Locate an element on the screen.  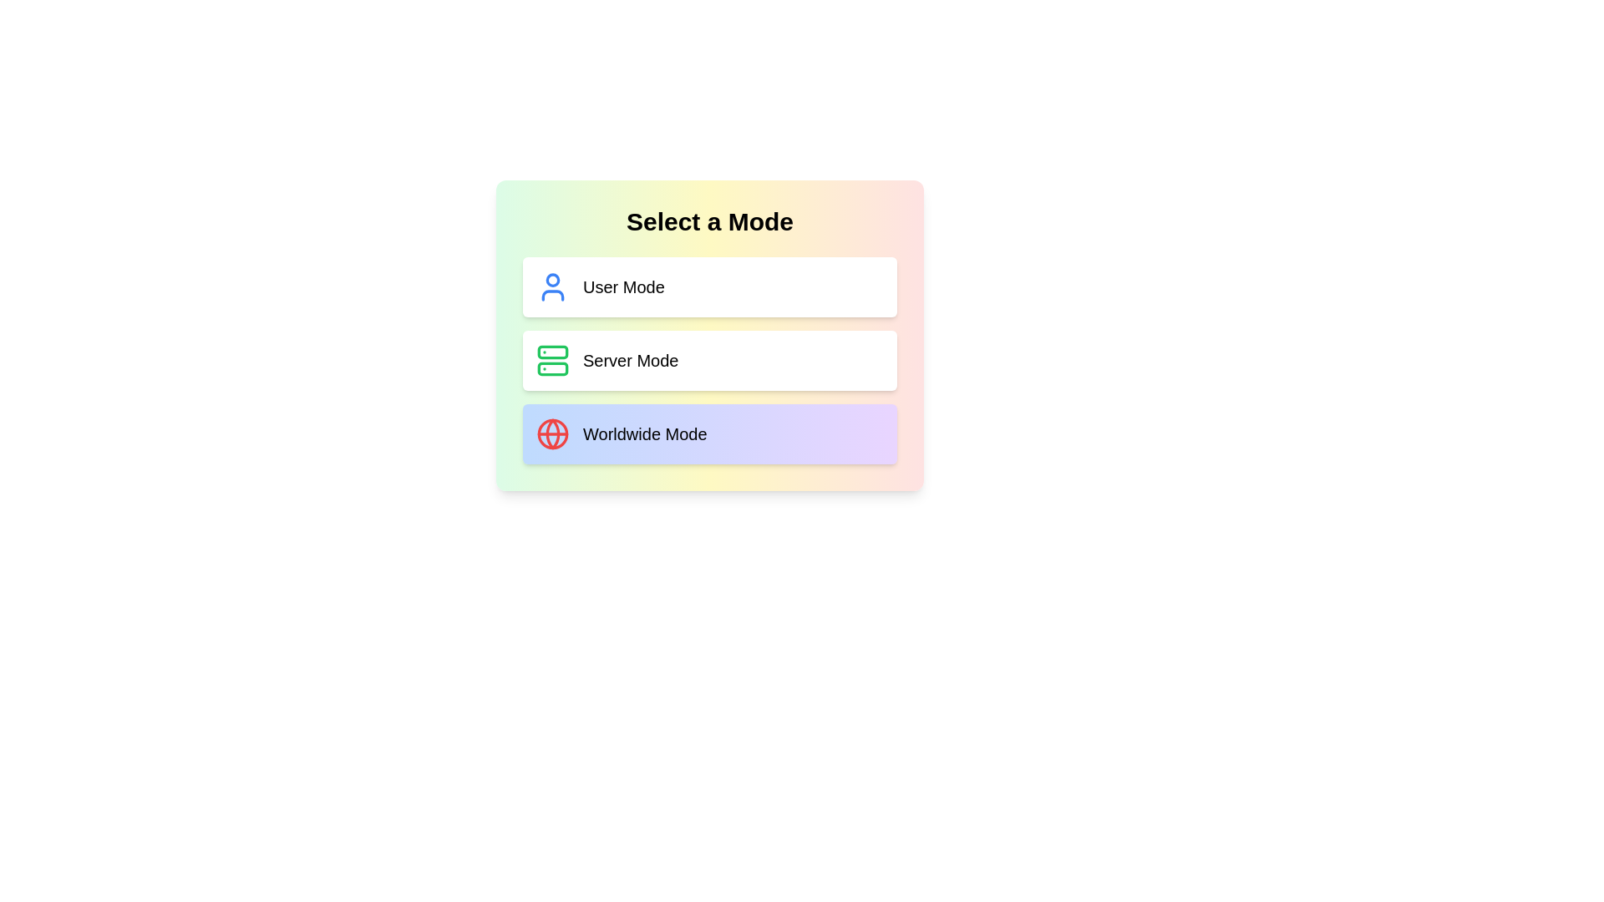
the second rectangular SVG graphical element in the server icon design, located in the vertical option menu under the 'User Mode' icon and above the 'Worldwide Mode' icon is located at coordinates (553, 368).